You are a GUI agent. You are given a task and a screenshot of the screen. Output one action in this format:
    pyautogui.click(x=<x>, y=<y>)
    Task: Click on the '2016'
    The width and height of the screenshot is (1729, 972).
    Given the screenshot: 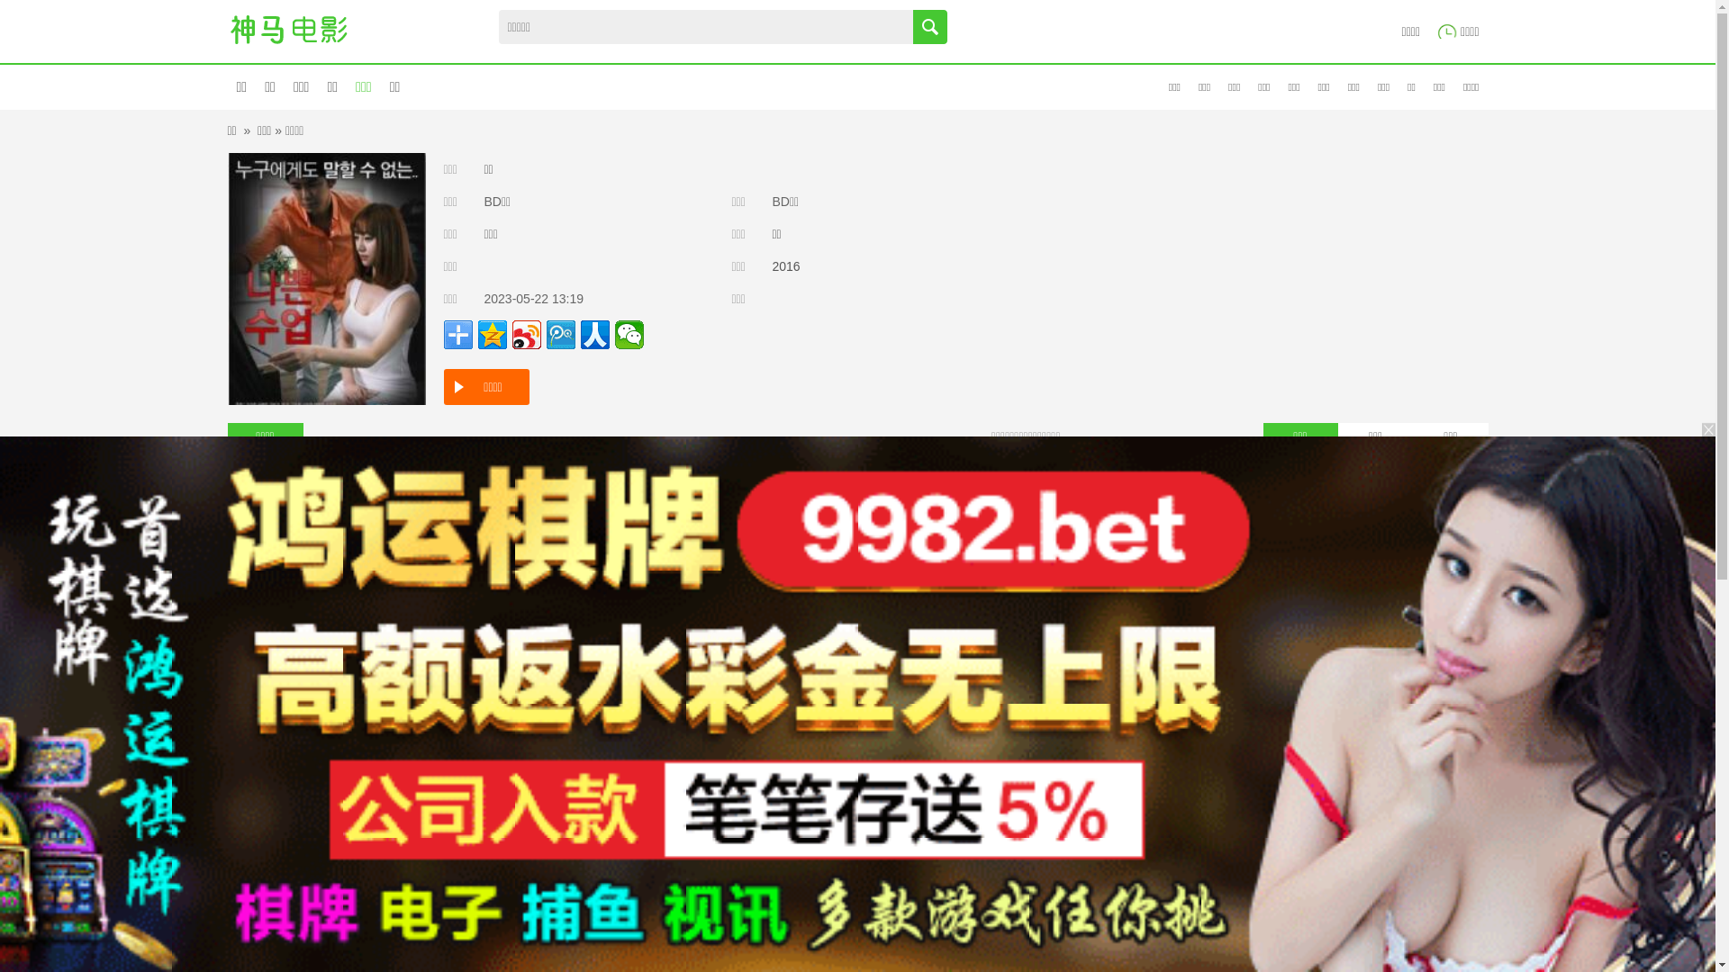 What is the action you would take?
    pyautogui.click(x=786, y=266)
    